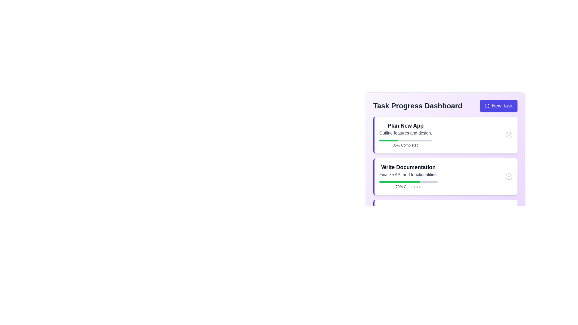 The width and height of the screenshot is (578, 325). Describe the element at coordinates (408, 167) in the screenshot. I see `text labeled 'Write Documentation' which is styled in bold and large dark gray font, positioned at the top of the task representation block` at that location.